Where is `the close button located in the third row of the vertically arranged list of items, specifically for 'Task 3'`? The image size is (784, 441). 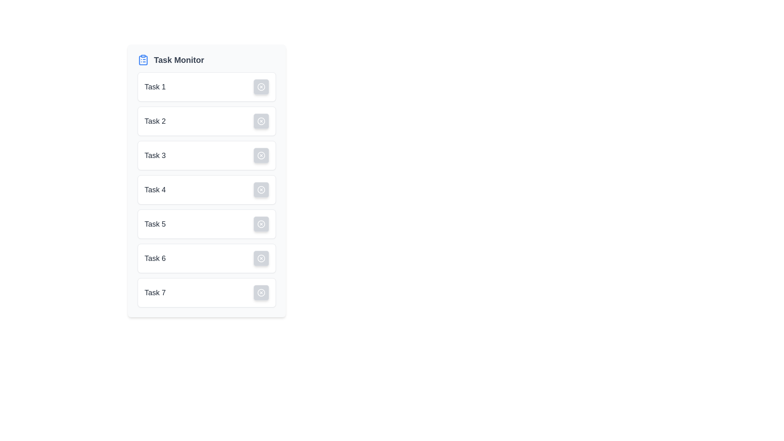 the close button located in the third row of the vertically arranged list of items, specifically for 'Task 3' is located at coordinates (261, 156).